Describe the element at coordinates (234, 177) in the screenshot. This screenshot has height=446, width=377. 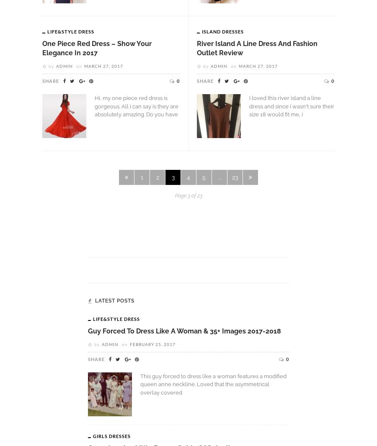
I see `'23'` at that location.